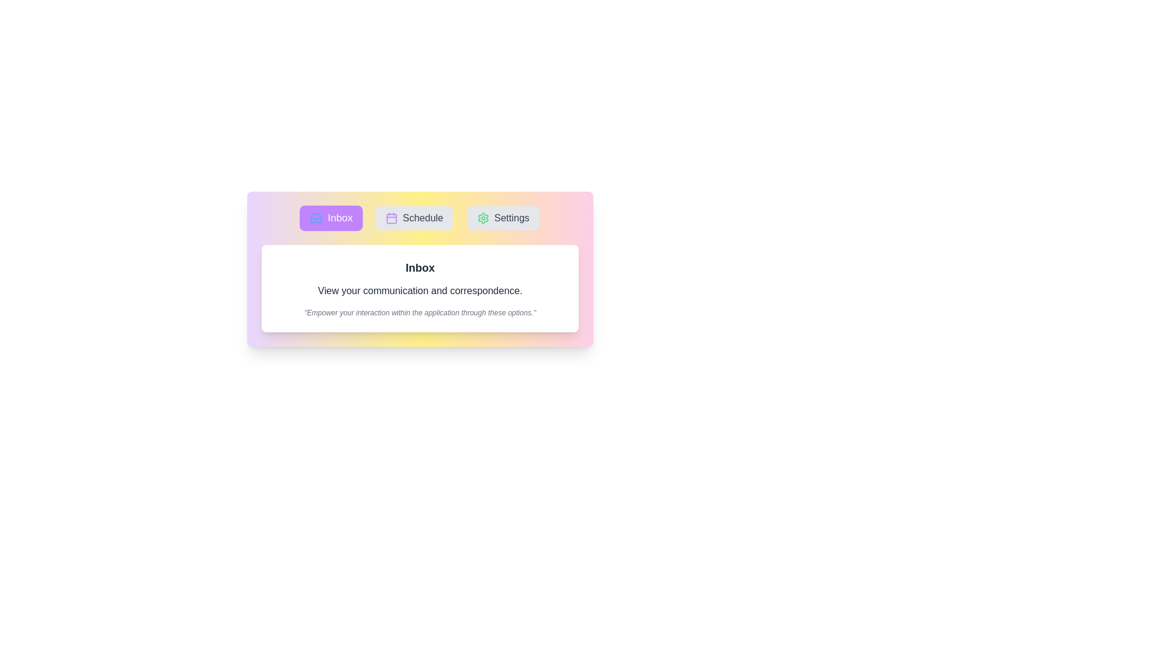 The height and width of the screenshot is (655, 1166). I want to click on the tab button labeled Settings, so click(503, 217).